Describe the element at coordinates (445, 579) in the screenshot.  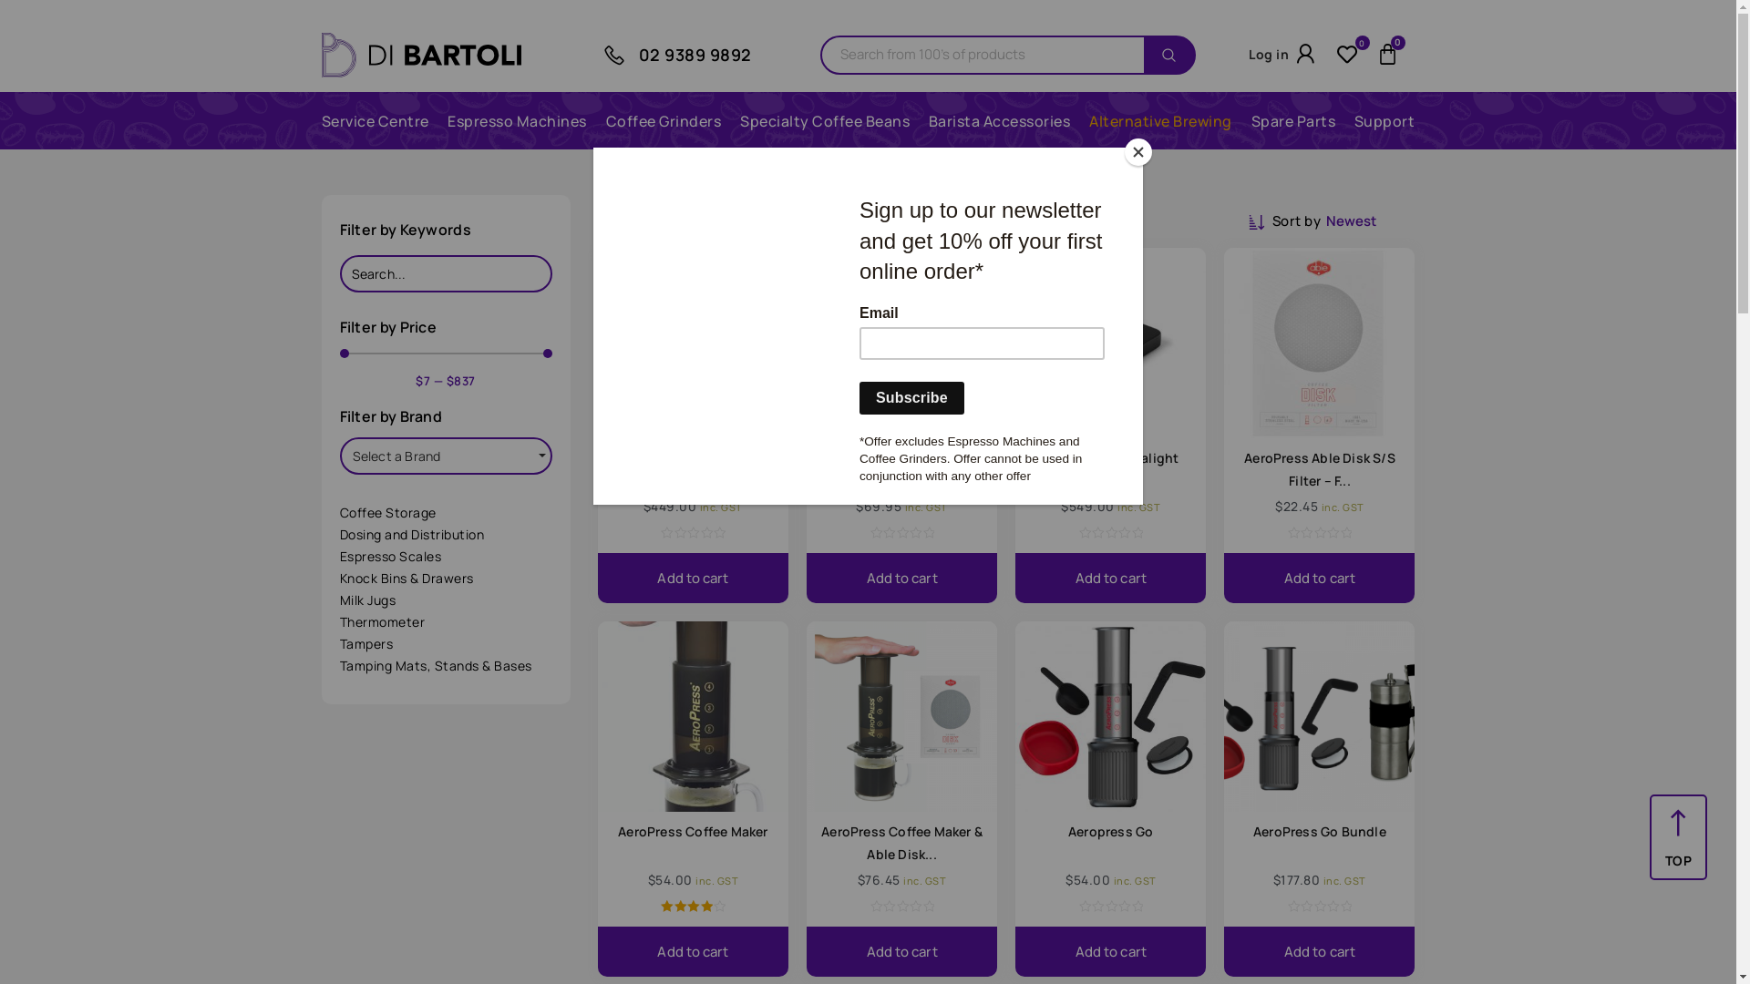
I see `'Knock Bins & Drawers'` at that location.